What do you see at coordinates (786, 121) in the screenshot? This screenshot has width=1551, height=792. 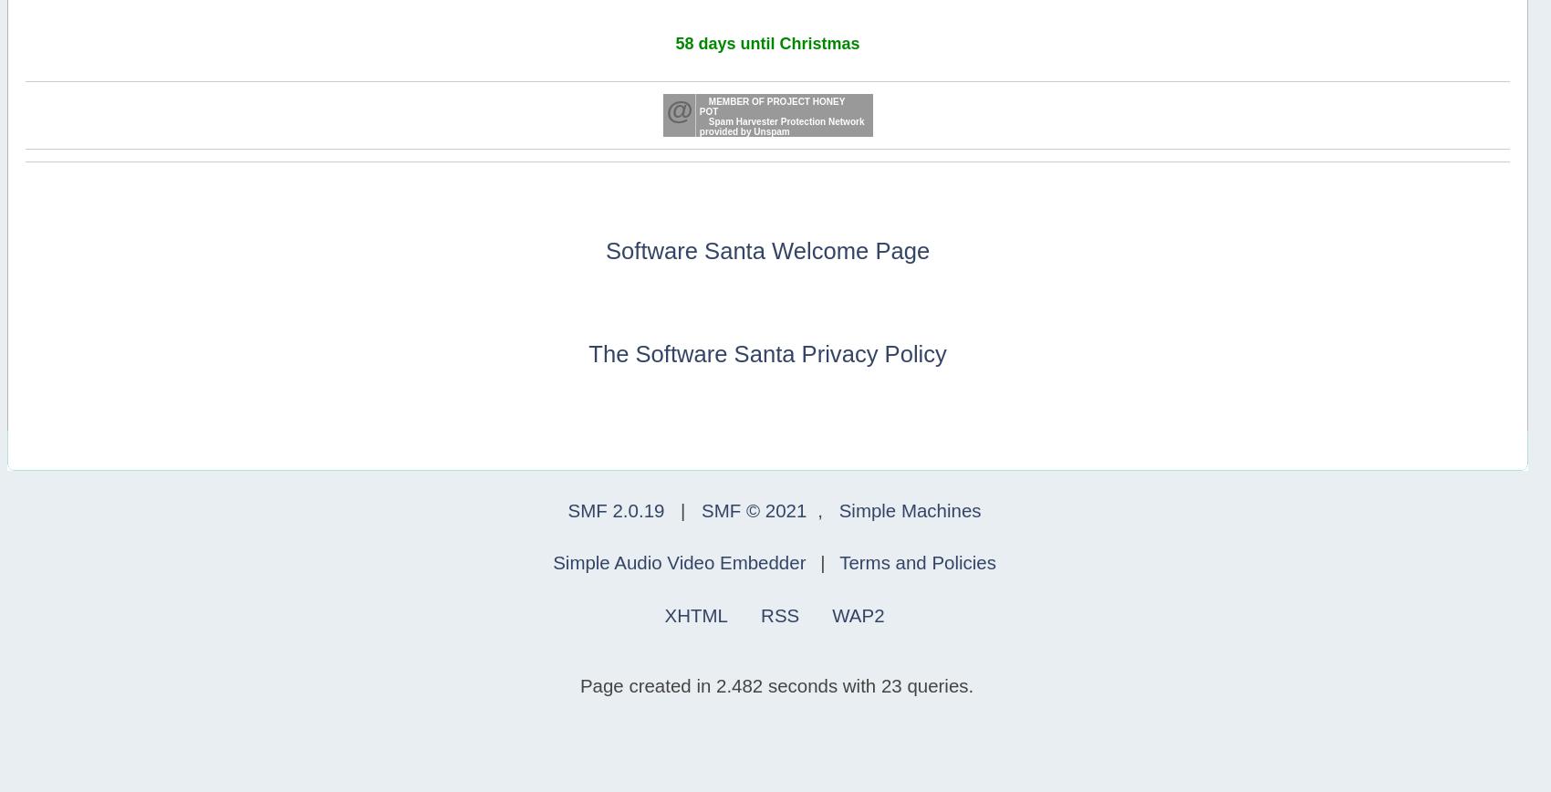 I see `'Spam Harvester Protection Network'` at bounding box center [786, 121].